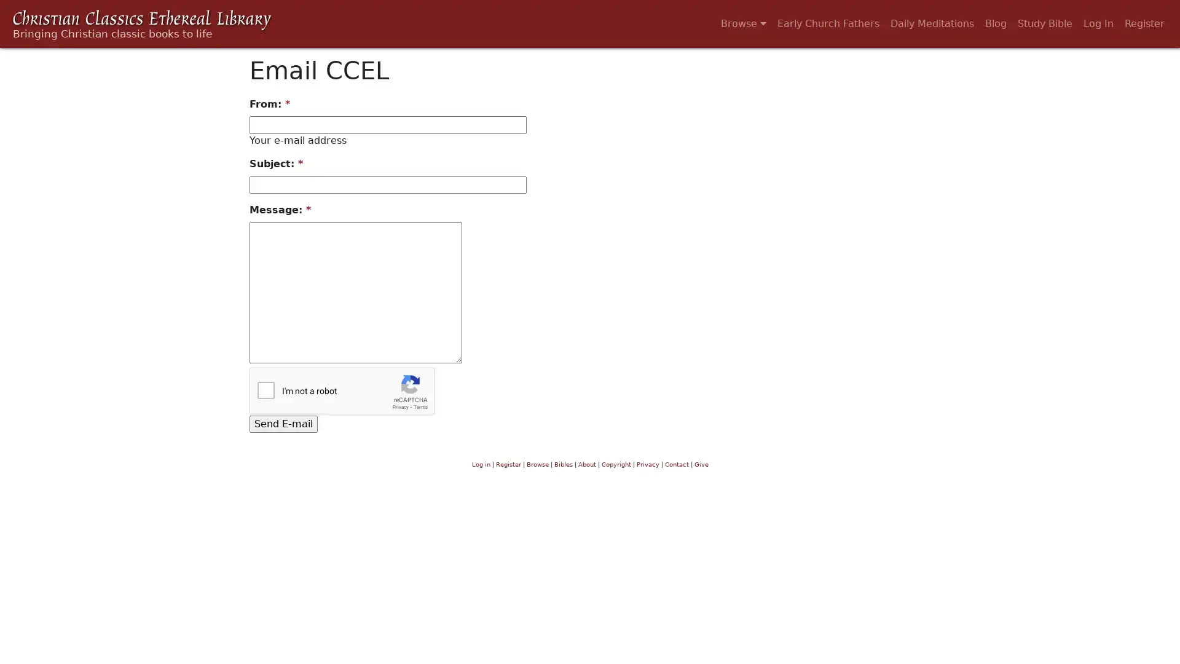 This screenshot has width=1180, height=664. Describe the element at coordinates (932, 23) in the screenshot. I see `Daily Meditations` at that location.